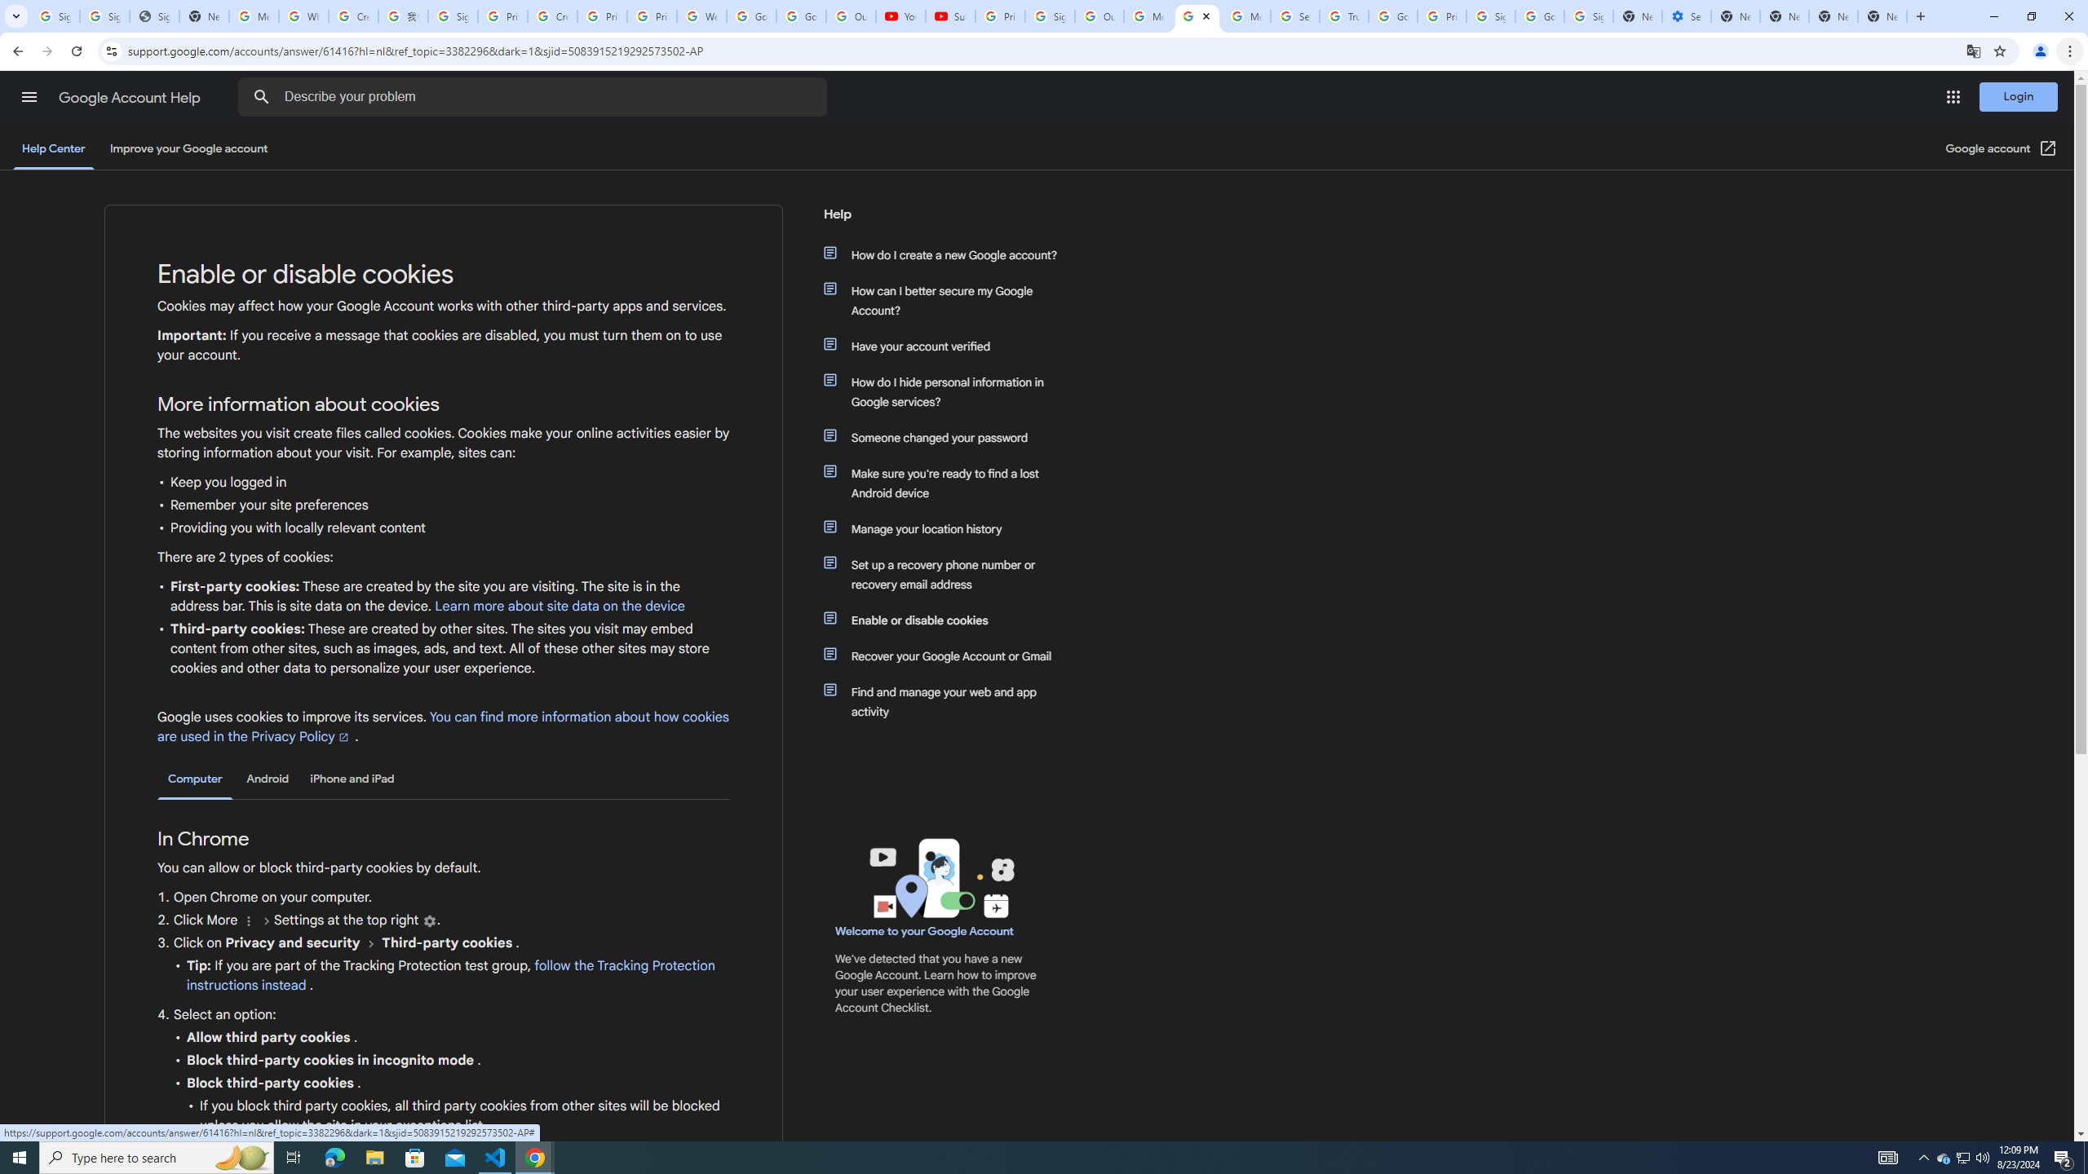 The height and width of the screenshot is (1174, 2088). I want to click on 'Help Center', so click(53, 148).